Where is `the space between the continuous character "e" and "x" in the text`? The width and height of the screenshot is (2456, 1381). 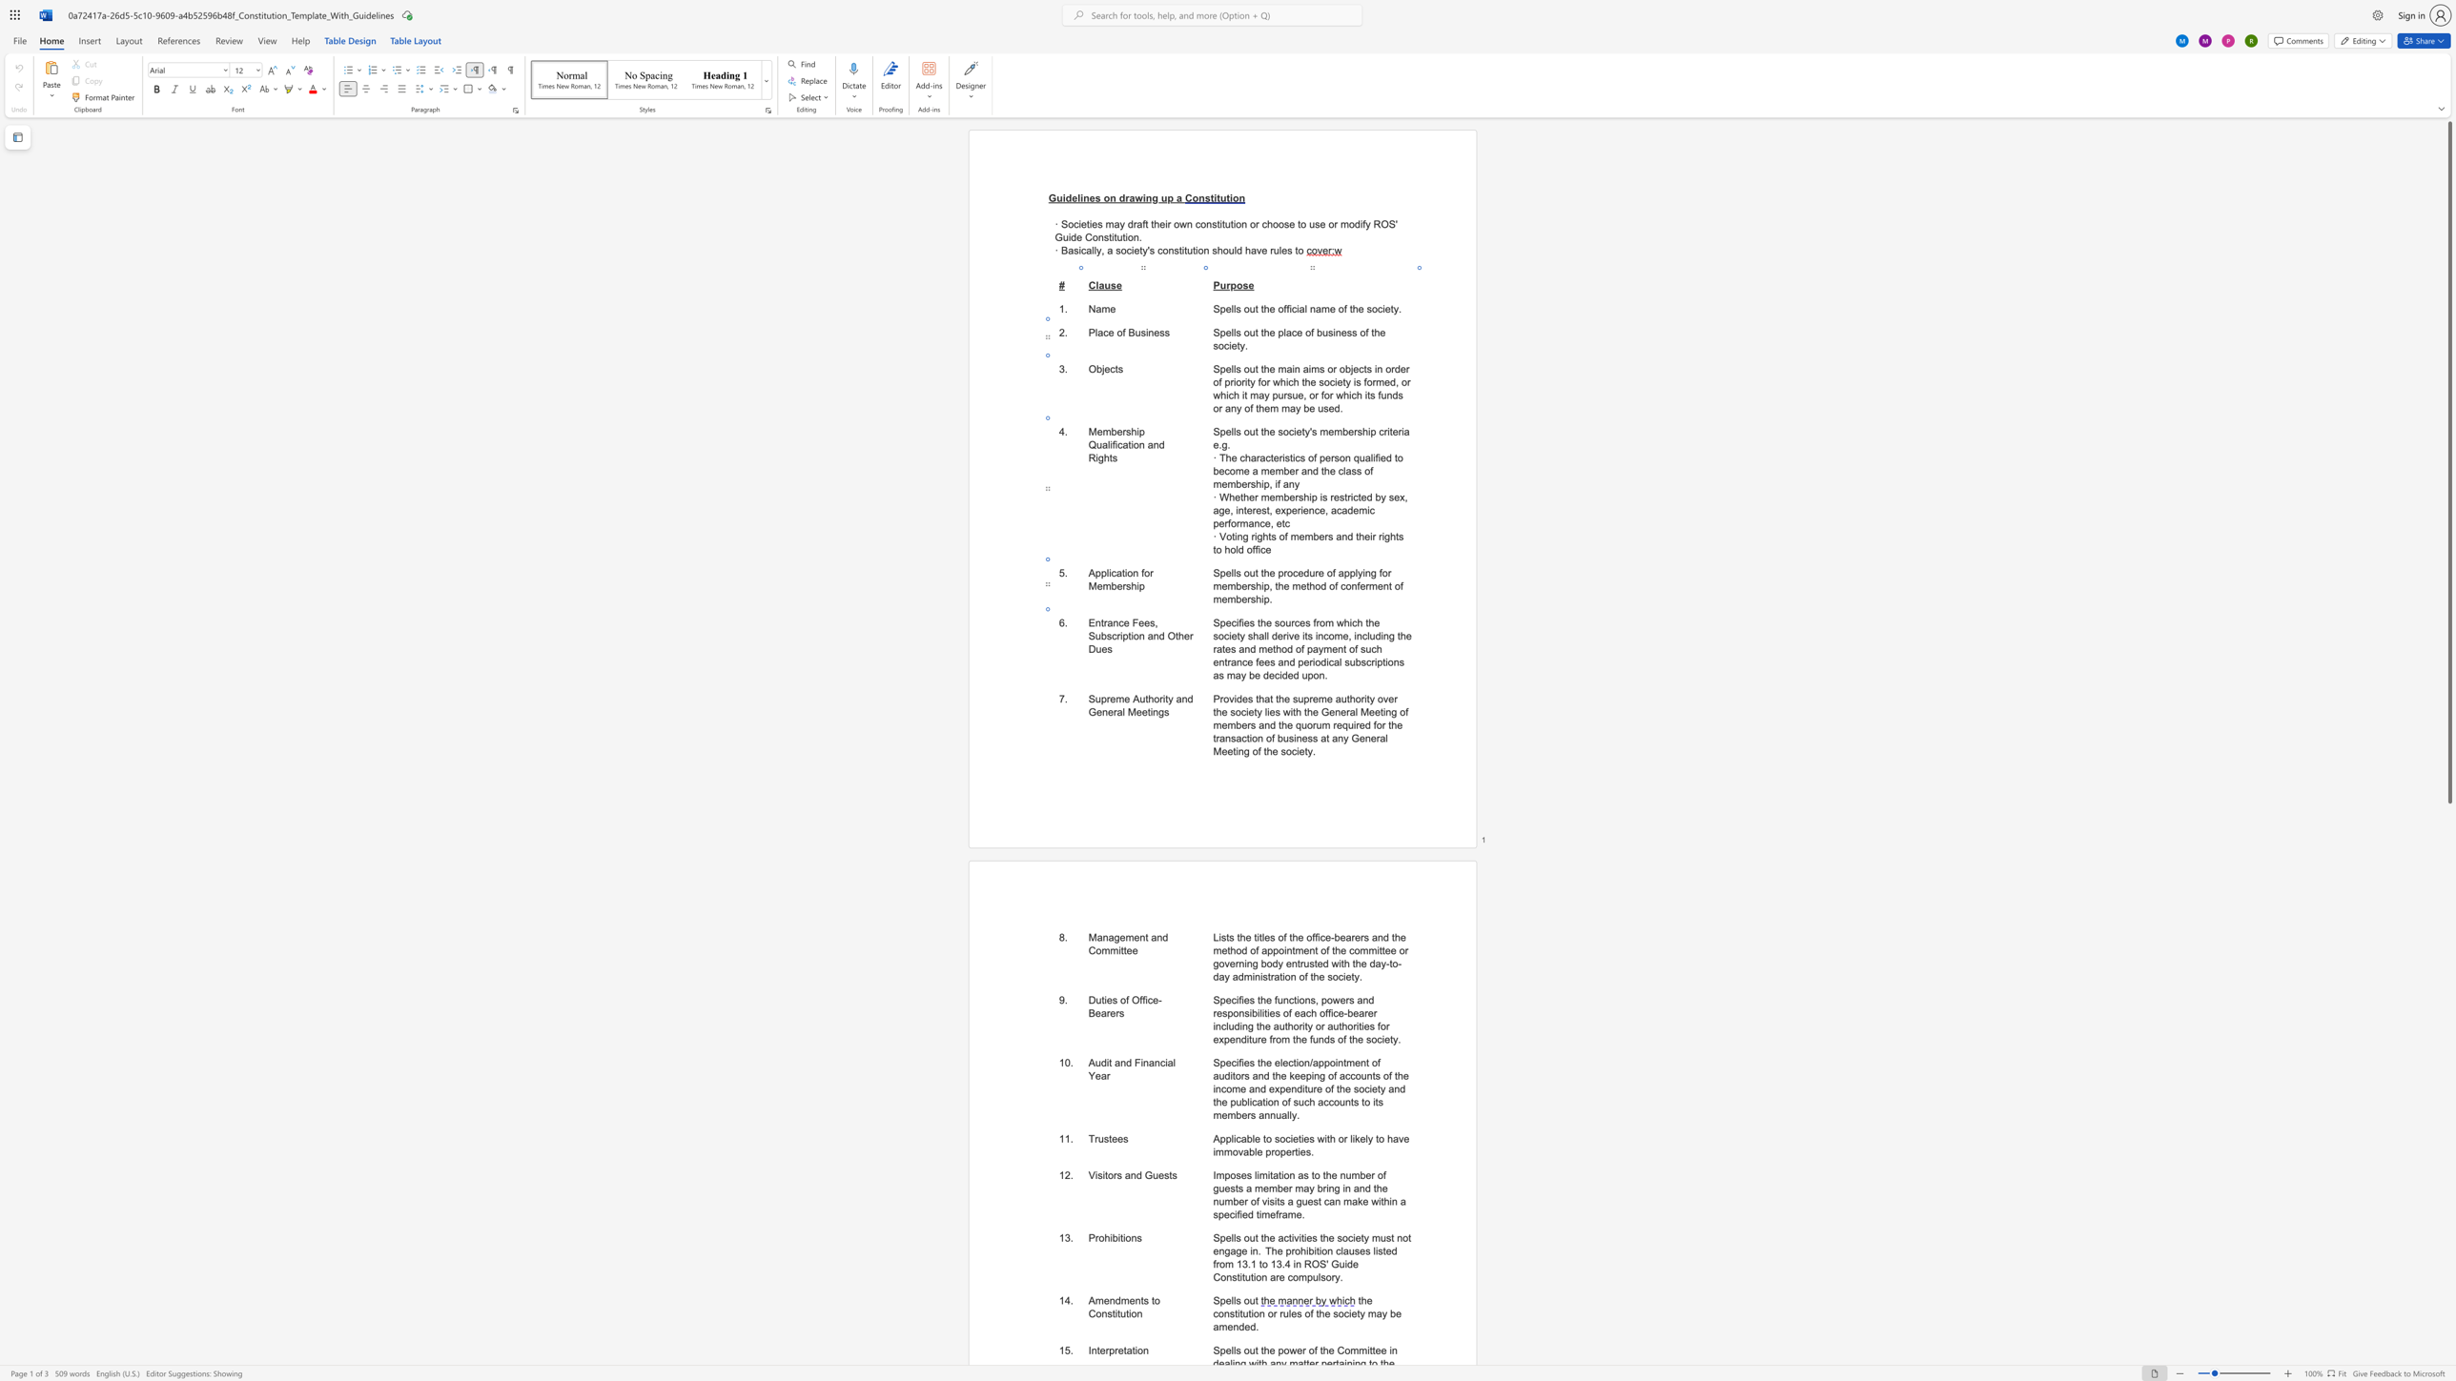 the space between the continuous character "e" and "x" in the text is located at coordinates (1218, 1038).